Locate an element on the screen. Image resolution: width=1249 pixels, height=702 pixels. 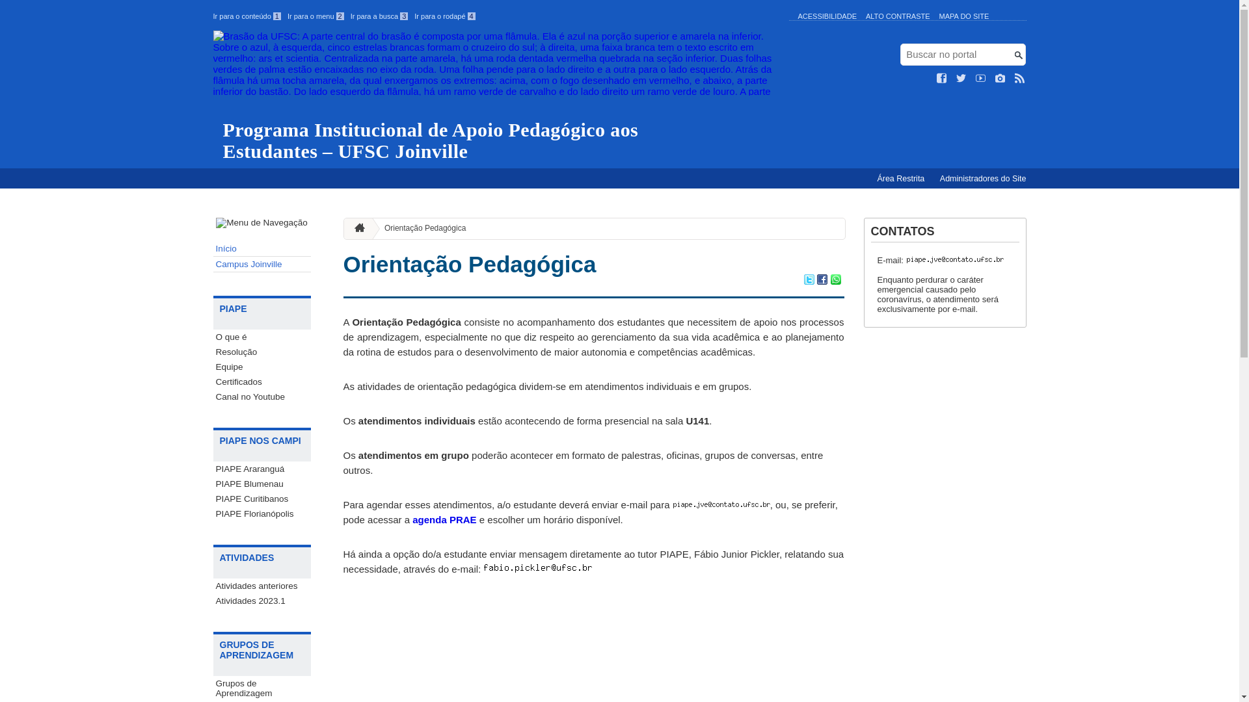
'Equipe' is located at coordinates (262, 367).